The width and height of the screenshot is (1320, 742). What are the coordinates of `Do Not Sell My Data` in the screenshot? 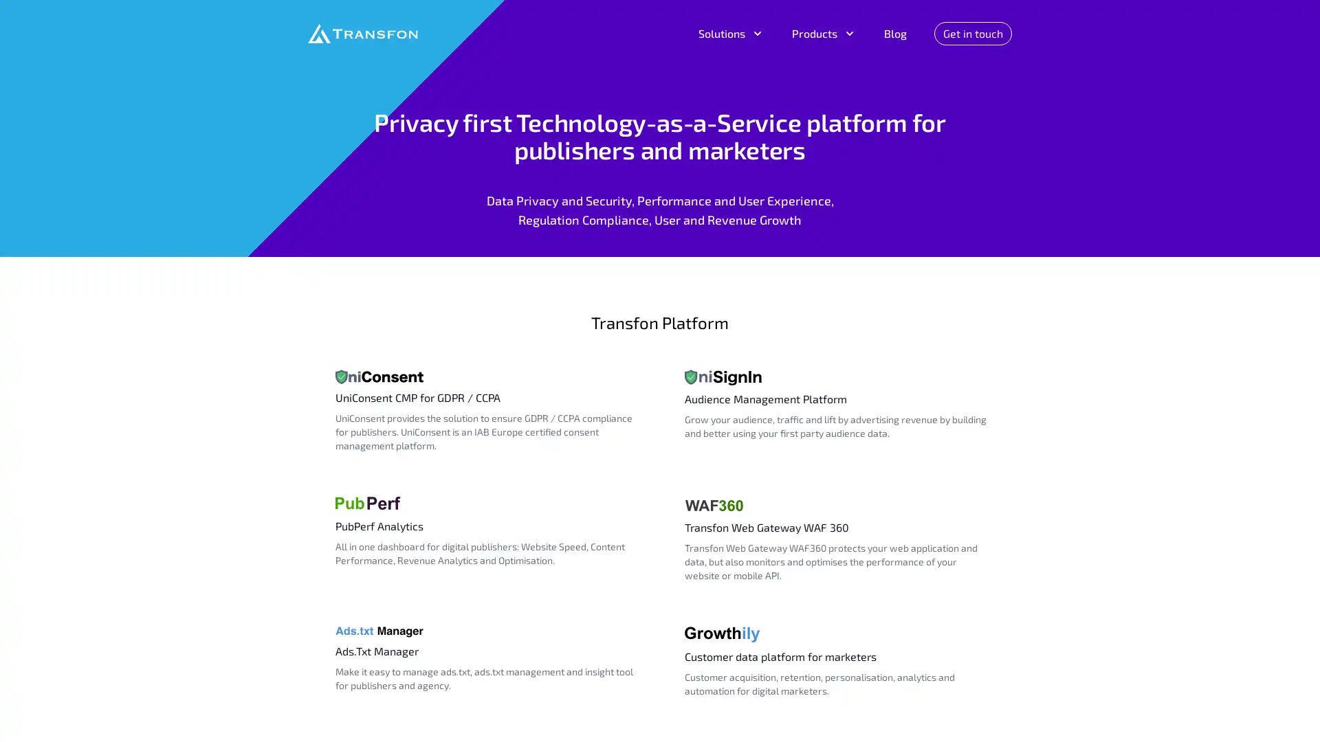 It's located at (92, 717).